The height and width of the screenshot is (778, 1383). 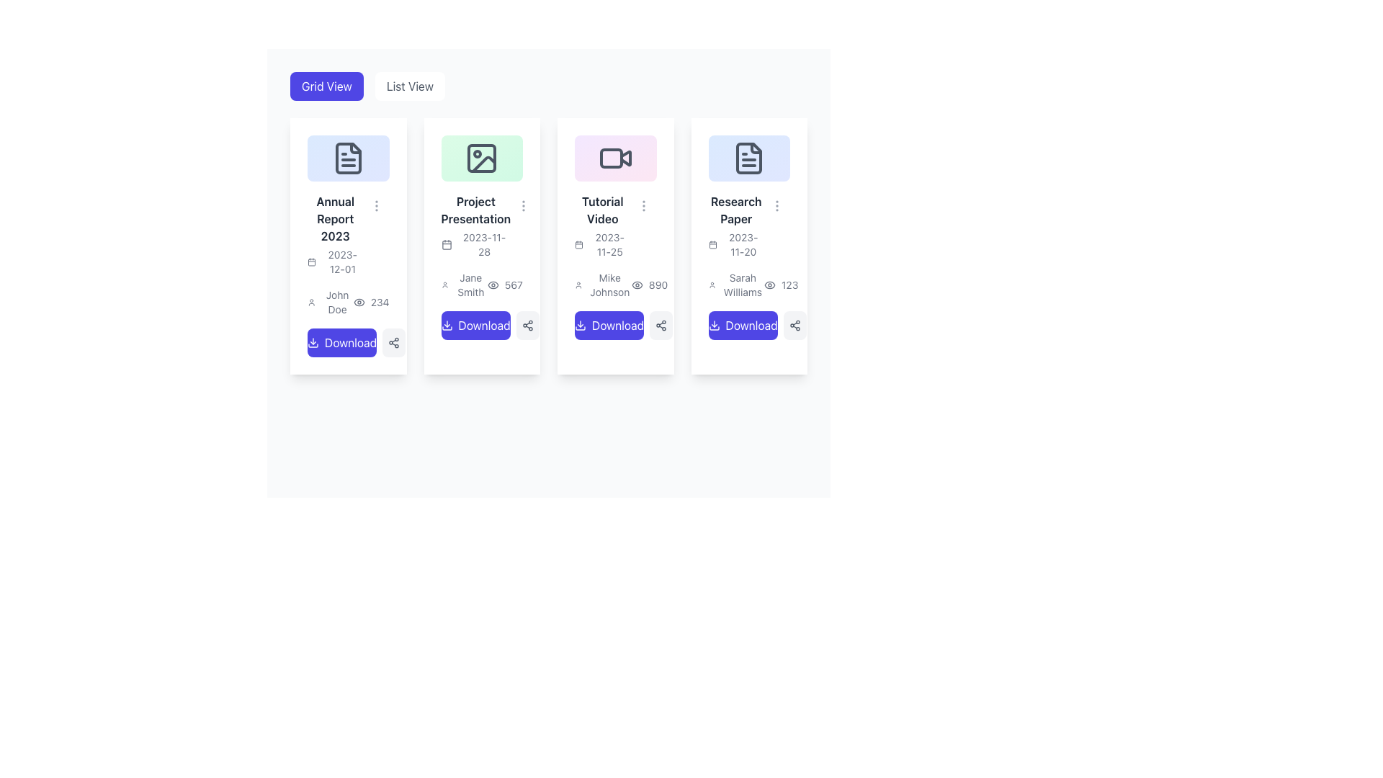 What do you see at coordinates (505, 285) in the screenshot?
I see `displayed number '567' in bold font next to the eye icon within the 'Project Presentation' card under the username 'Jane Smith'` at bounding box center [505, 285].